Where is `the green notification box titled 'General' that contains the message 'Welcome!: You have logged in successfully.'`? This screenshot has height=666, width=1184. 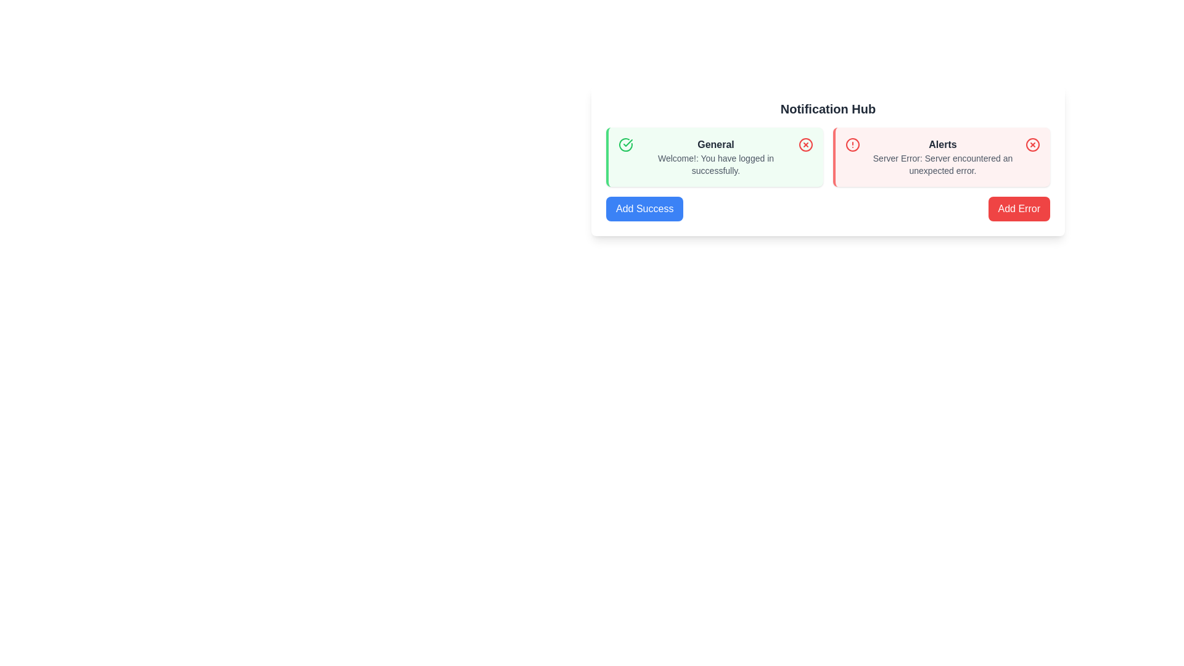
the green notification box titled 'General' that contains the message 'Welcome!: You have logged in successfully.' is located at coordinates (714, 156).